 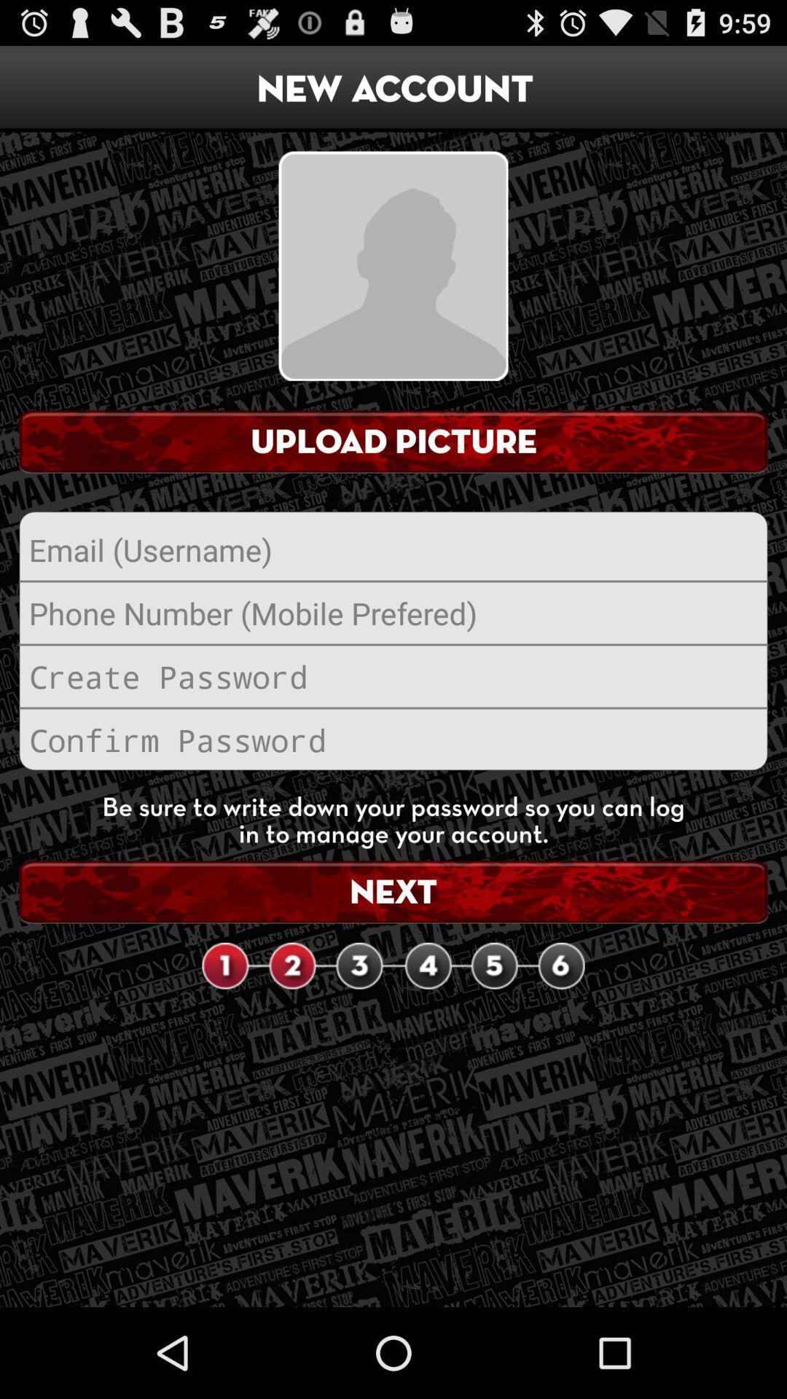 What do you see at coordinates (393, 440) in the screenshot?
I see `the upload picture item` at bounding box center [393, 440].